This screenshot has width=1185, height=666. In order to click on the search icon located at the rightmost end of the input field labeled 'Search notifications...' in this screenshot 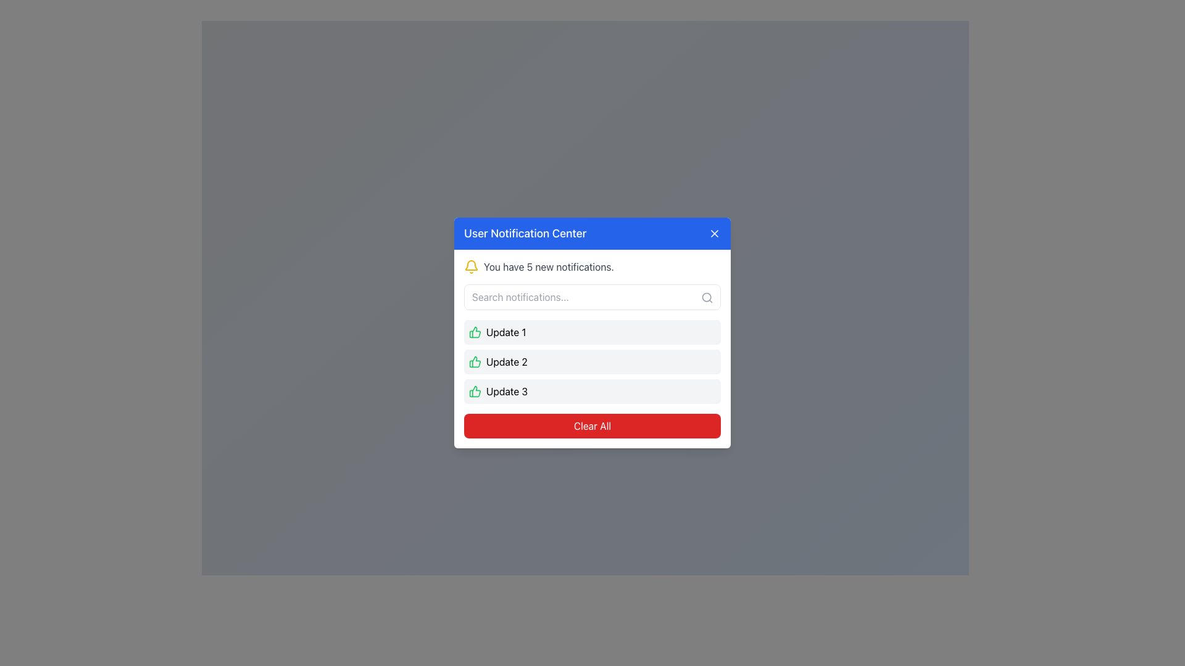, I will do `click(707, 297)`.